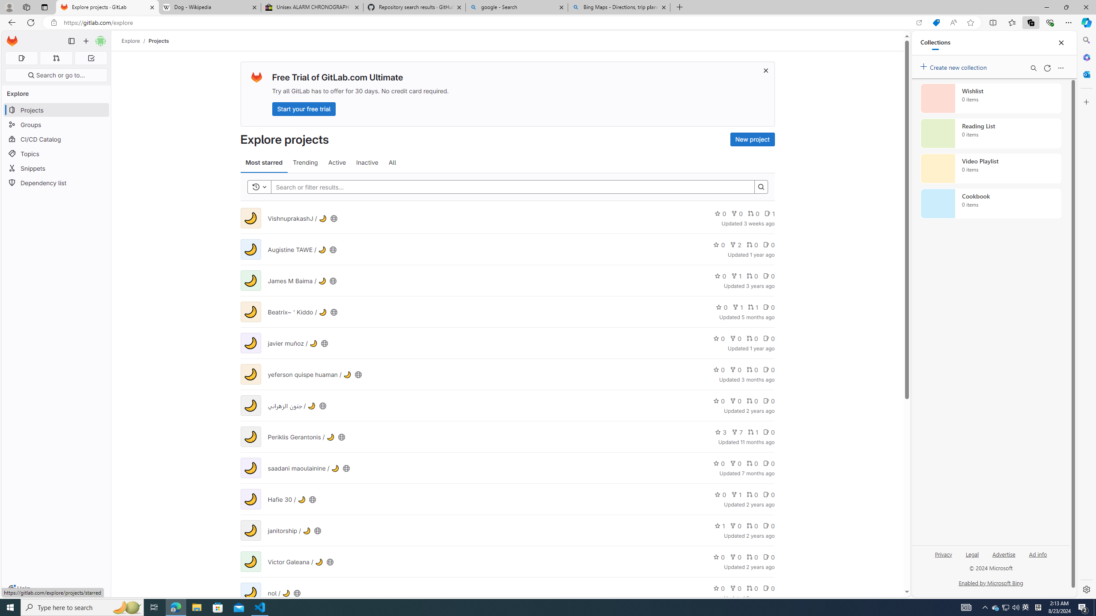 The height and width of the screenshot is (616, 1096). What do you see at coordinates (768, 588) in the screenshot?
I see `'0'` at bounding box center [768, 588].